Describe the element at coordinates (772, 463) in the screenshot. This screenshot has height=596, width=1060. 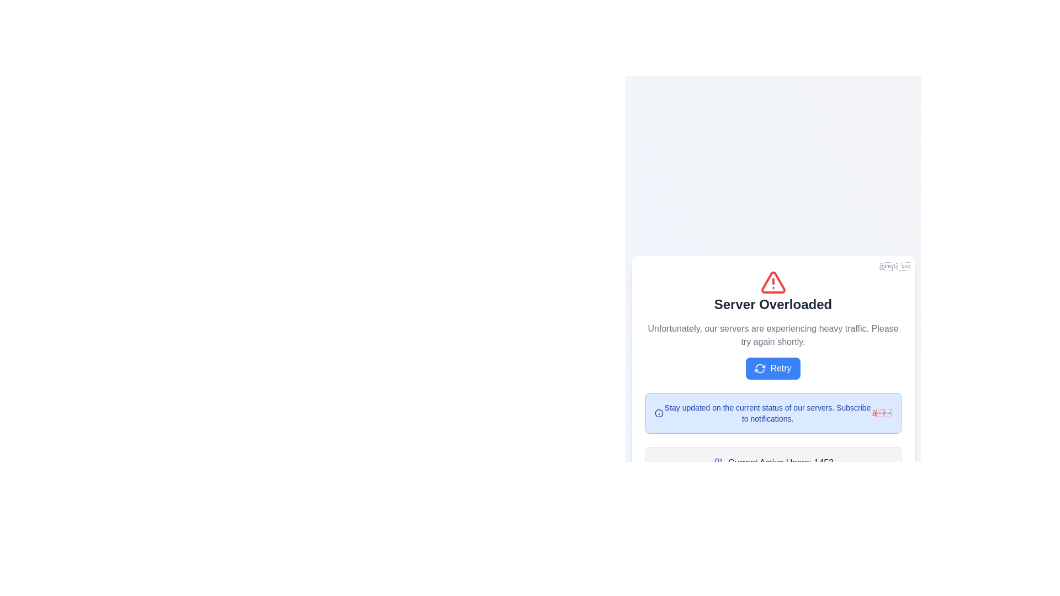
I see `the informative text with icon that displays the count of active users, located near the bottom of the main interface panel and centered horizontally` at that location.